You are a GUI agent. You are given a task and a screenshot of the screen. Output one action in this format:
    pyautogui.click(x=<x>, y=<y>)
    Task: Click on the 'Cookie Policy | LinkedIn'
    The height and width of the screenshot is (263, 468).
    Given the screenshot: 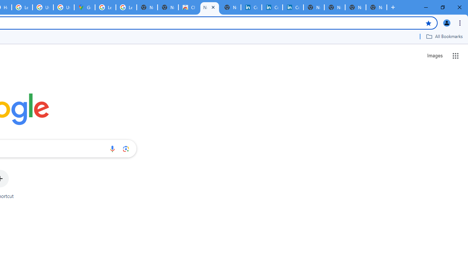 What is the action you would take?
    pyautogui.click(x=272, y=7)
    